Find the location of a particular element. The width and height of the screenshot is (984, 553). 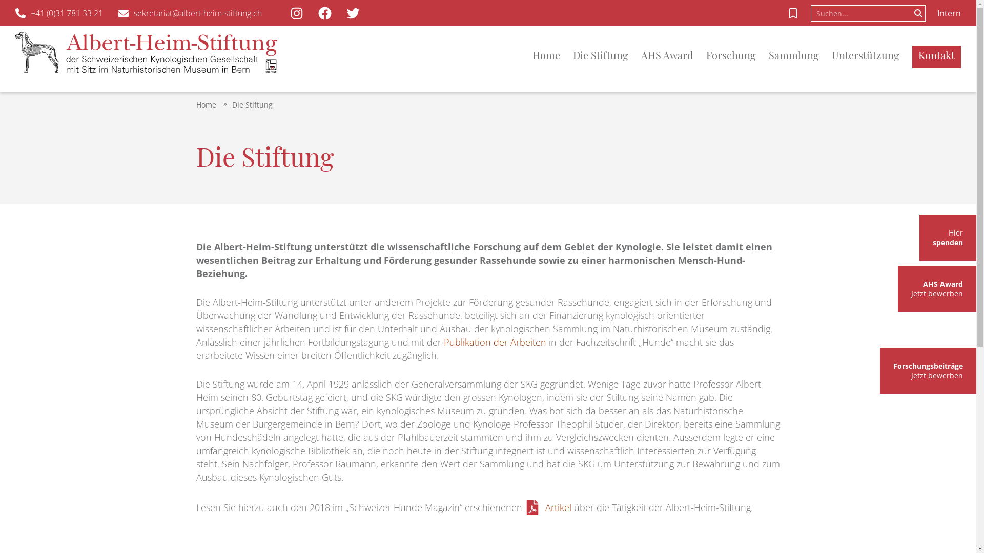

'AHS Award' is located at coordinates (673, 56).